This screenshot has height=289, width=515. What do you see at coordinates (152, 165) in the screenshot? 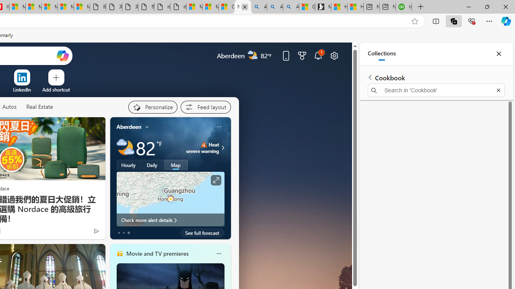
I see `'Daily'` at bounding box center [152, 165].